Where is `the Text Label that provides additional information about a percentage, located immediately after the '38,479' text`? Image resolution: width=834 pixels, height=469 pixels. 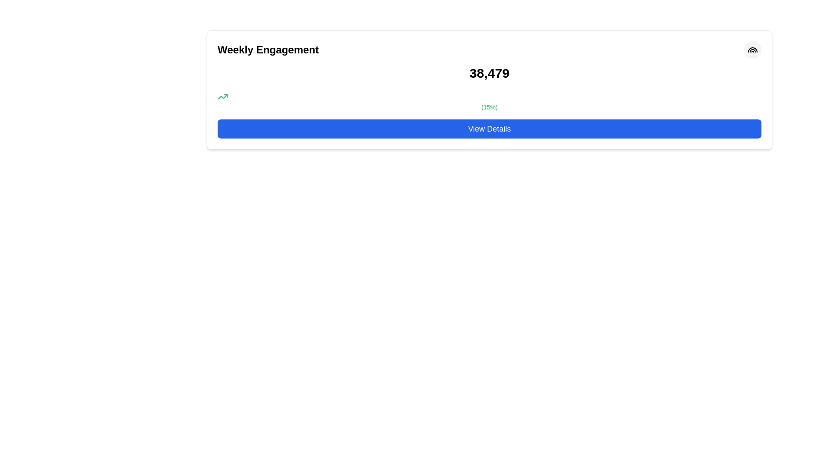
the Text Label that provides additional information about a percentage, located immediately after the '38,479' text is located at coordinates (490, 100).